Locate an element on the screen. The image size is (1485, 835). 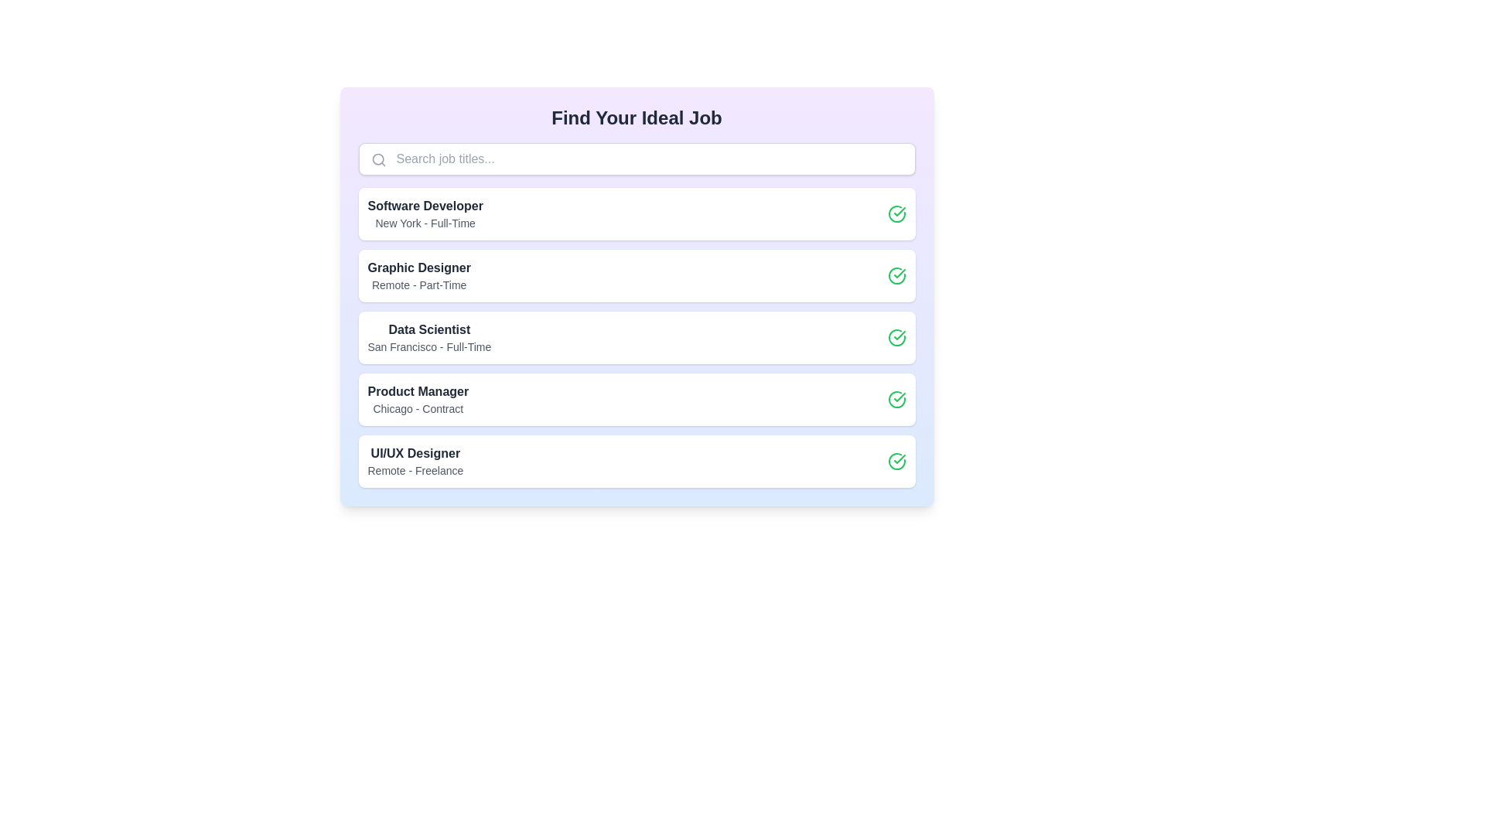
the status of the checkmark icon indicating the selection of the job listing for 'Product Manager, Chicago - Contract' located in the far right corner of its row is located at coordinates (896, 398).